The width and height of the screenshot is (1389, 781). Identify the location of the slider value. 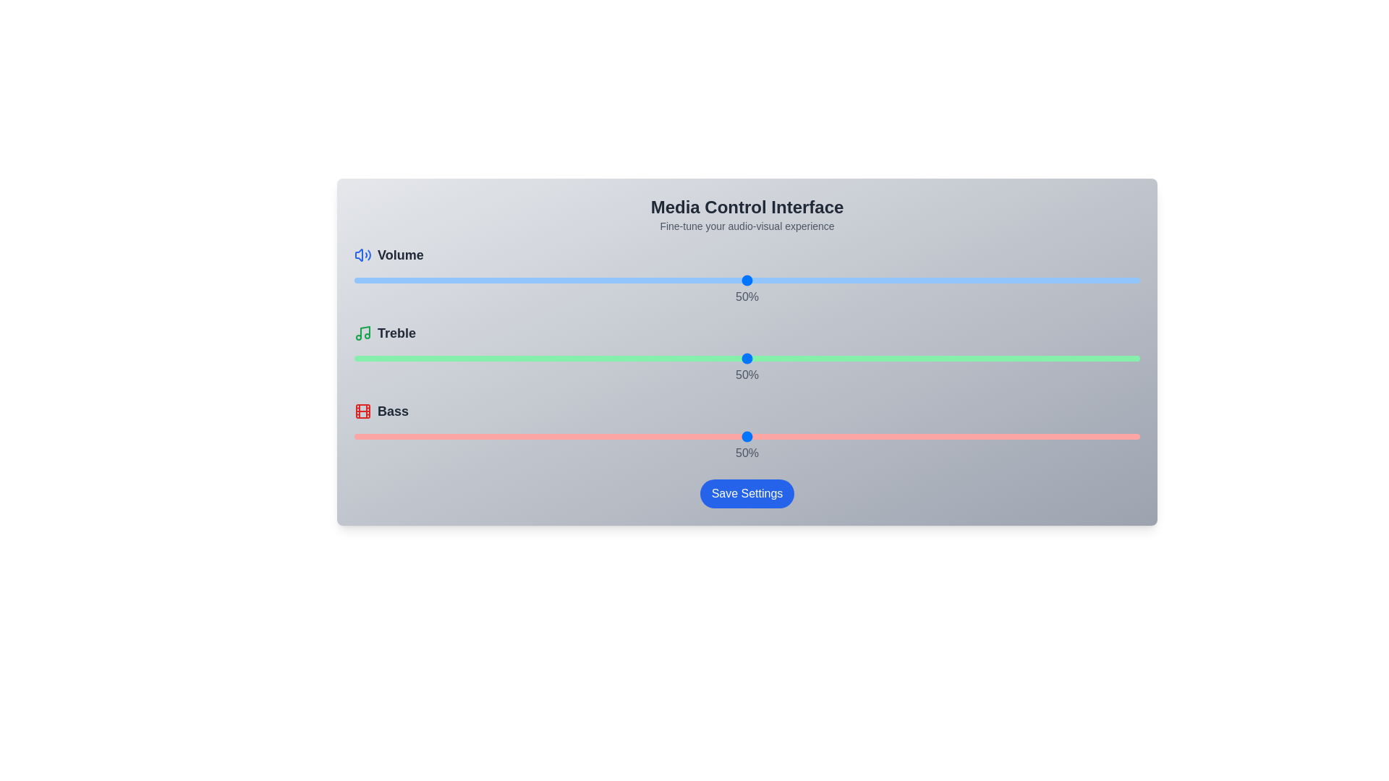
(872, 358).